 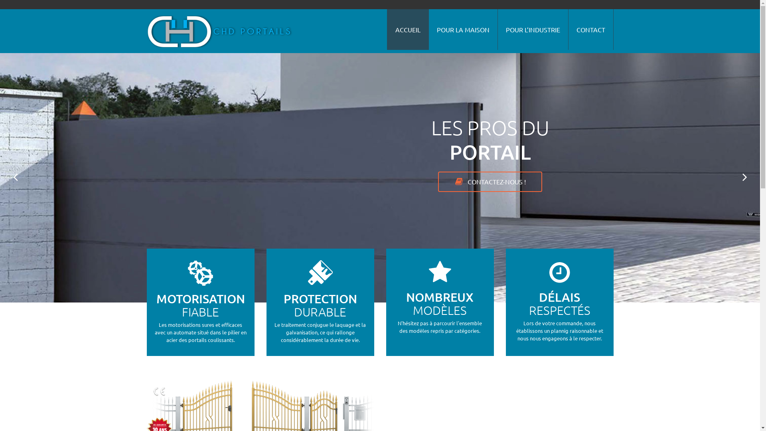 I want to click on 'POUR LA MAISON', so click(x=463, y=29).